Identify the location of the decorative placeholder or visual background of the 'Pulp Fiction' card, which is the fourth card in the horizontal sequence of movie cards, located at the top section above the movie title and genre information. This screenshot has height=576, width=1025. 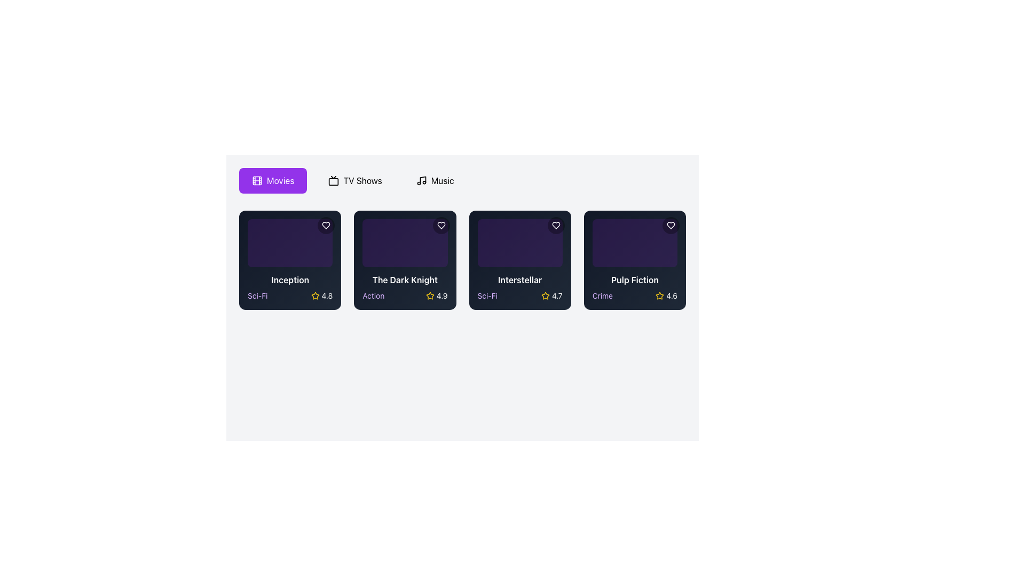
(635, 243).